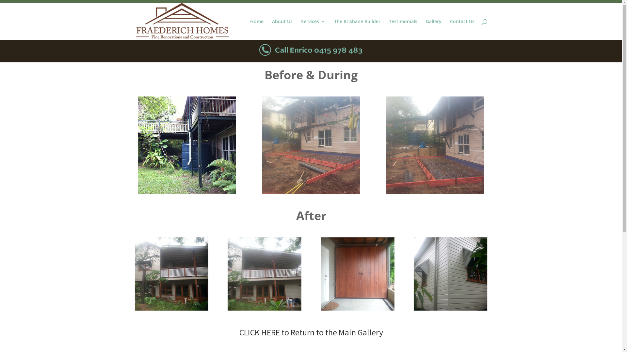  What do you see at coordinates (137, 145) in the screenshot?
I see `'Extend Upstairs and Down Before 01'` at bounding box center [137, 145].